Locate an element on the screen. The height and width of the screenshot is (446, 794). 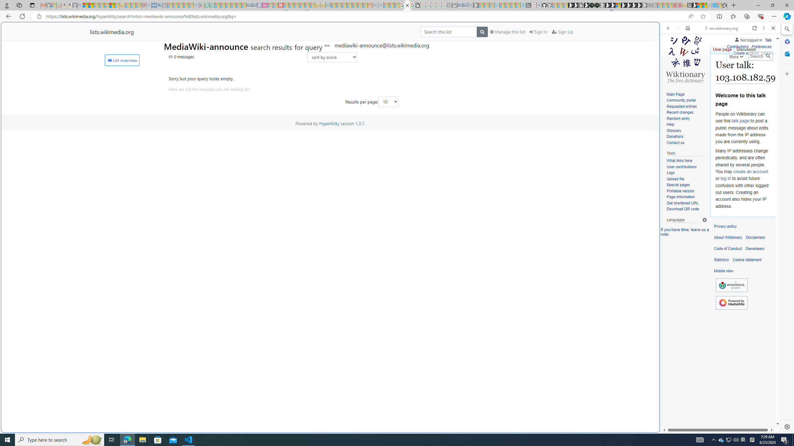
'Code of Conduct' is located at coordinates (728, 249).